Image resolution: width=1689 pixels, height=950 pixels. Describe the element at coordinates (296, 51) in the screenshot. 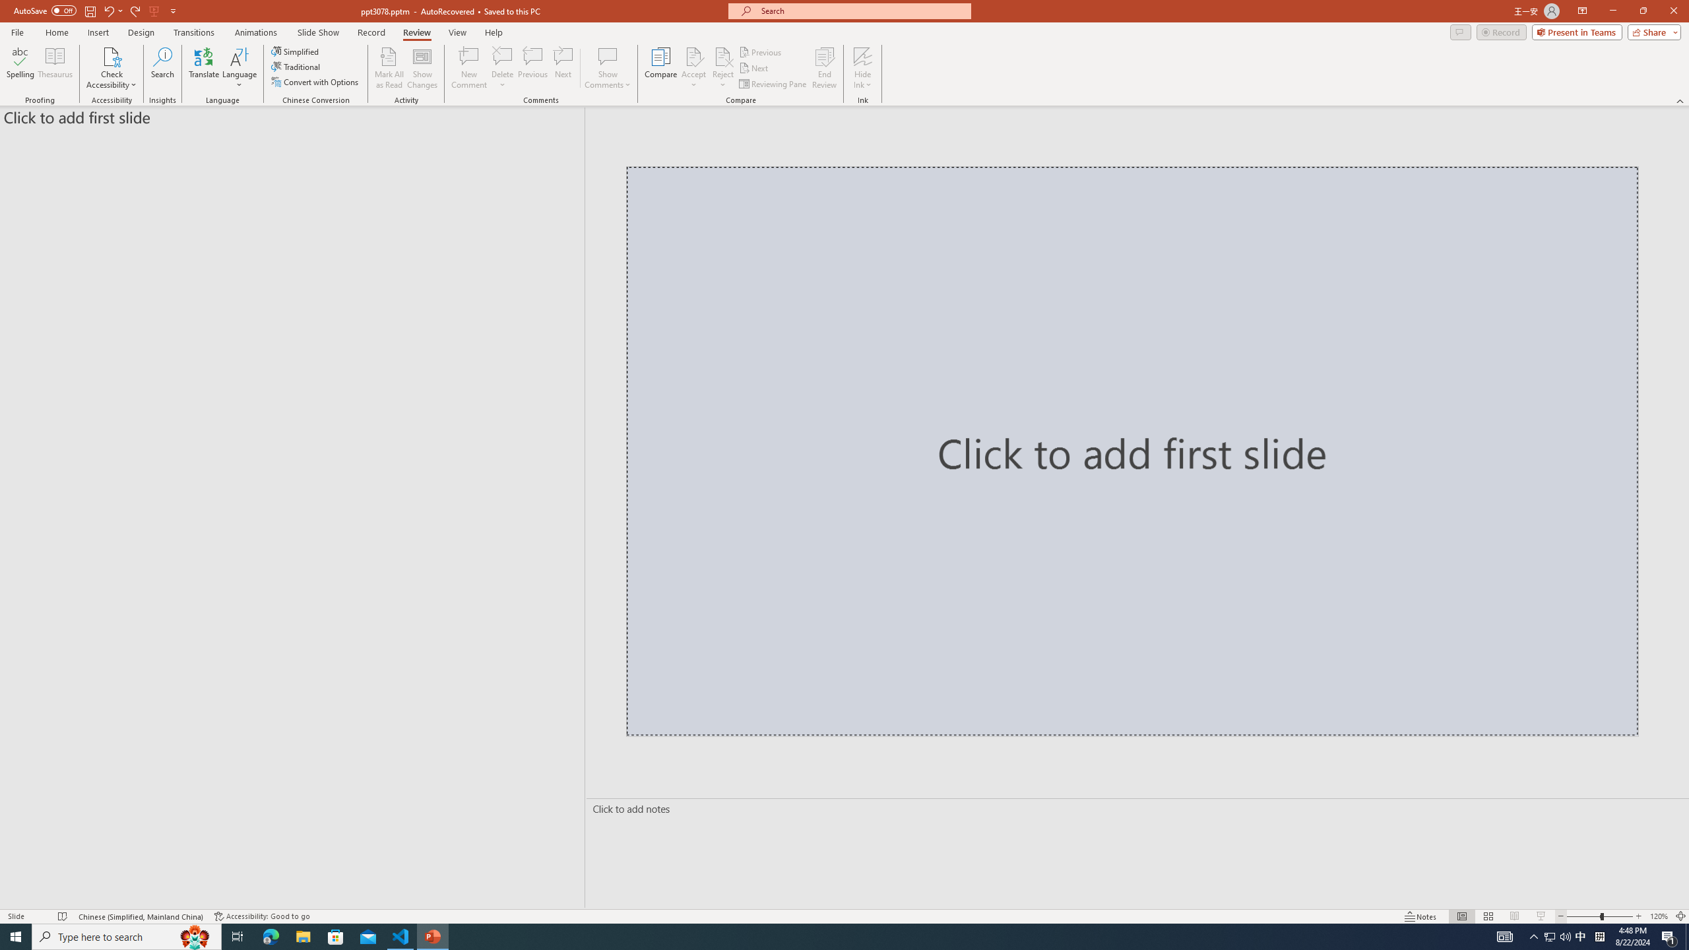

I see `'Simplified'` at that location.